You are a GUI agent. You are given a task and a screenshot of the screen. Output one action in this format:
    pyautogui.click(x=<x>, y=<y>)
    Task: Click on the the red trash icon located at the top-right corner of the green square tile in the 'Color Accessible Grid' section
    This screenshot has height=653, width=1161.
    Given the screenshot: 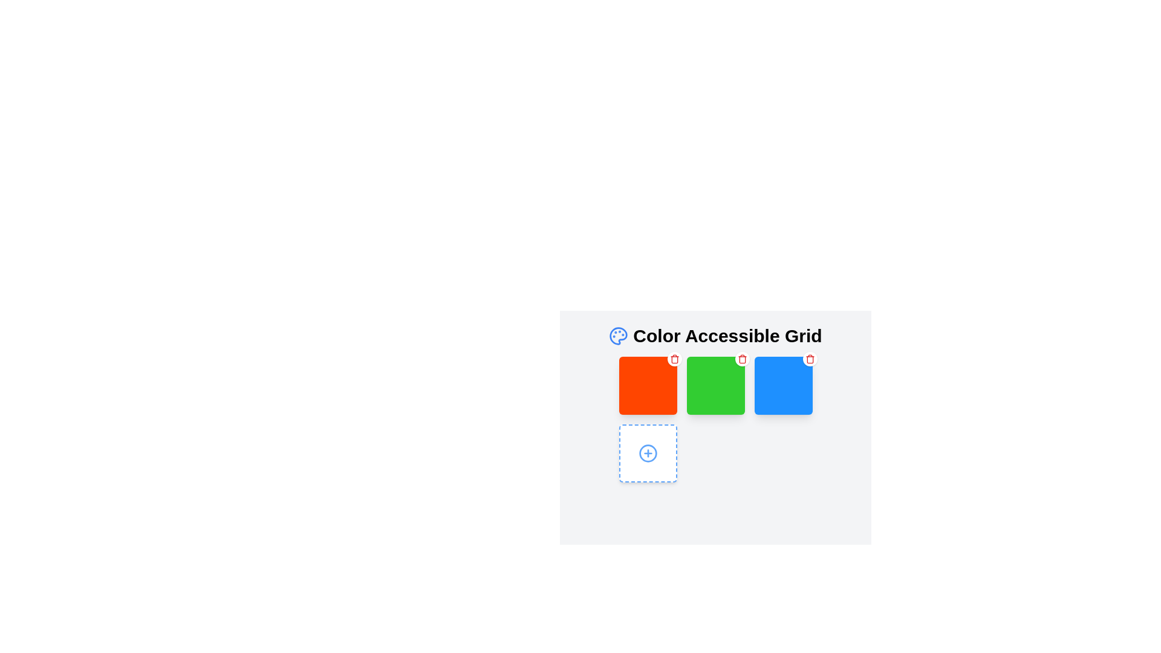 What is the action you would take?
    pyautogui.click(x=674, y=359)
    